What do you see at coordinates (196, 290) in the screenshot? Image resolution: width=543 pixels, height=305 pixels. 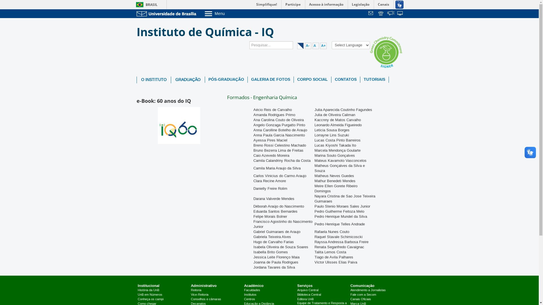 I see `'Reitoria'` at bounding box center [196, 290].